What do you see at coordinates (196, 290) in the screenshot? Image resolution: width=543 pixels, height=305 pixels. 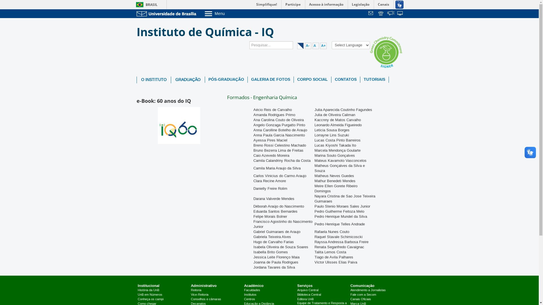 I see `'Reitoria'` at bounding box center [196, 290].